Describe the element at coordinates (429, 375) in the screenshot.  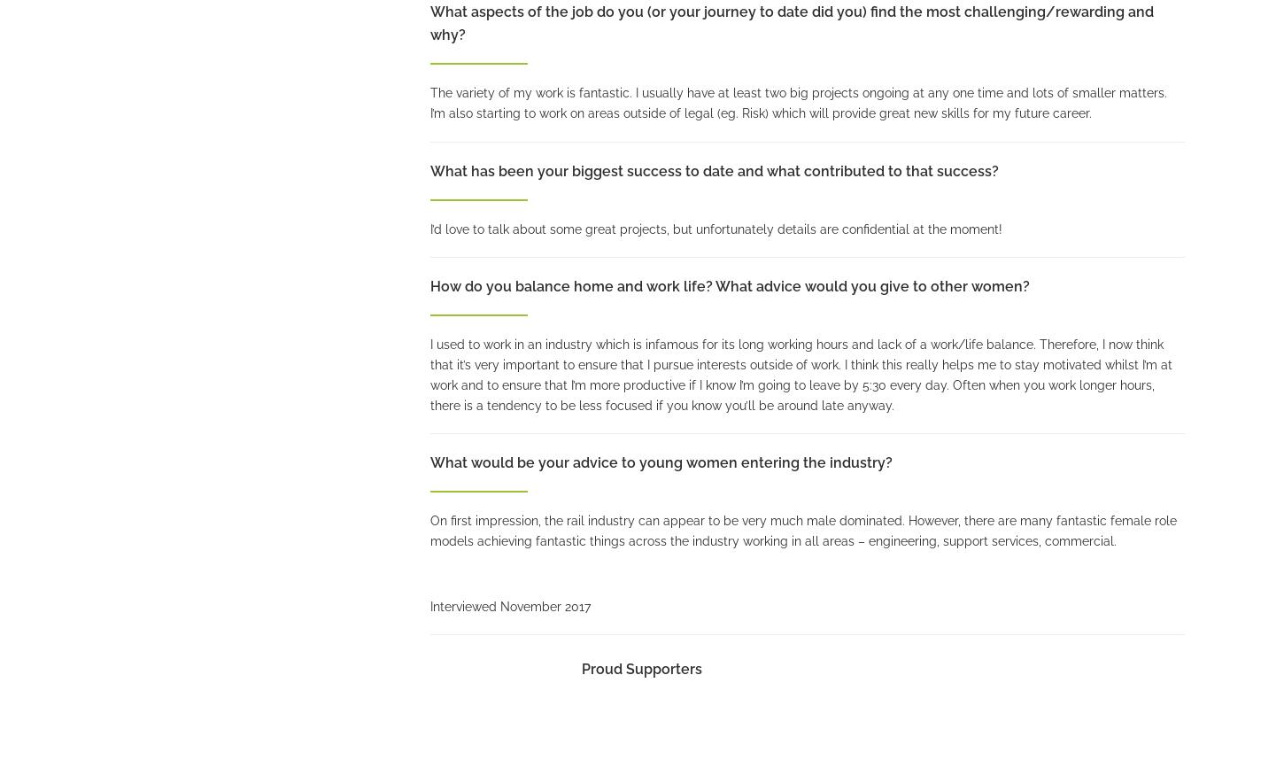
I see `'I used to work in an industry which is infamous for its long working hours and lack of a work/life balance. Therefore, I now think that it’s very important to ensure that I pursue interests outside of work. I think this really helps me to stay motivated whilst I’m at work and to ensure that I’m more productive if I know I’m going to leave by 5:30 every day. Often when you work longer hours, there is a tendency to be less focused if you know you’ll be around late anyway.'` at that location.